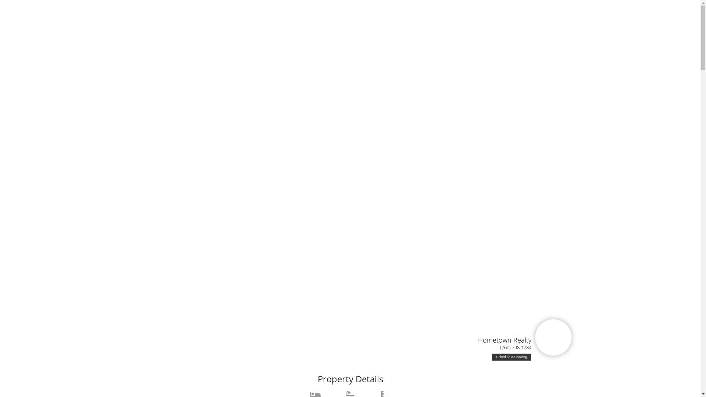  Describe the element at coordinates (504, 340) in the screenshot. I see `'Hometown Realty'` at that location.